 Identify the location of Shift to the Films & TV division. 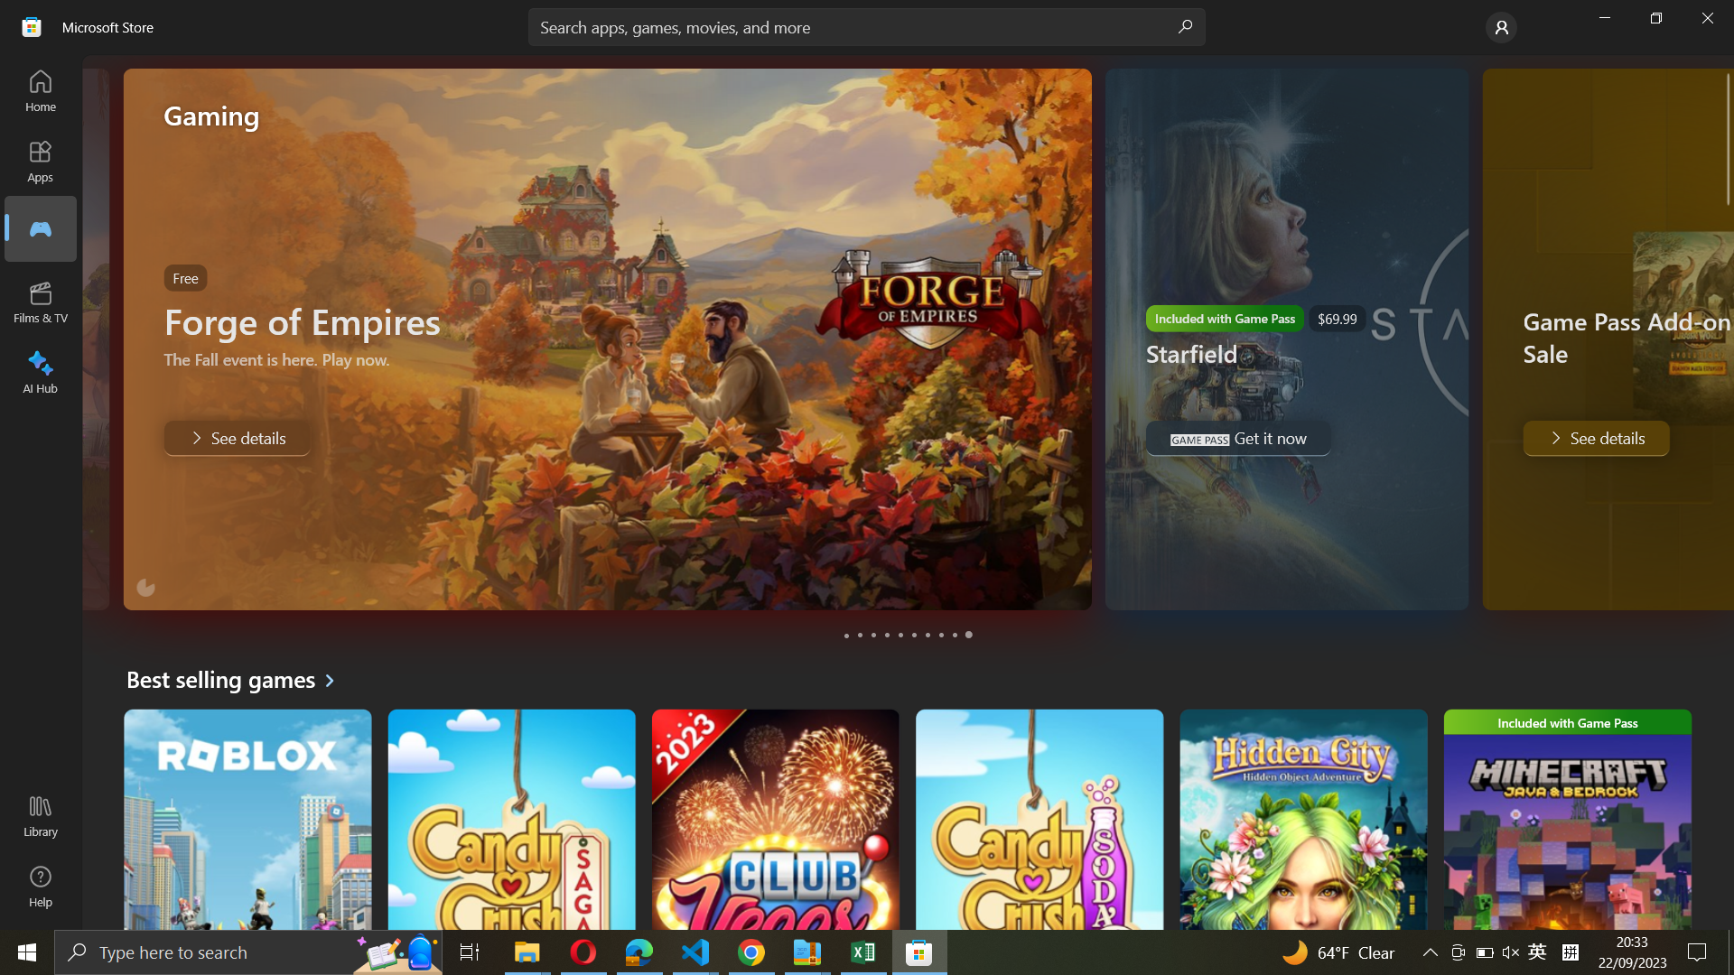
(42, 302).